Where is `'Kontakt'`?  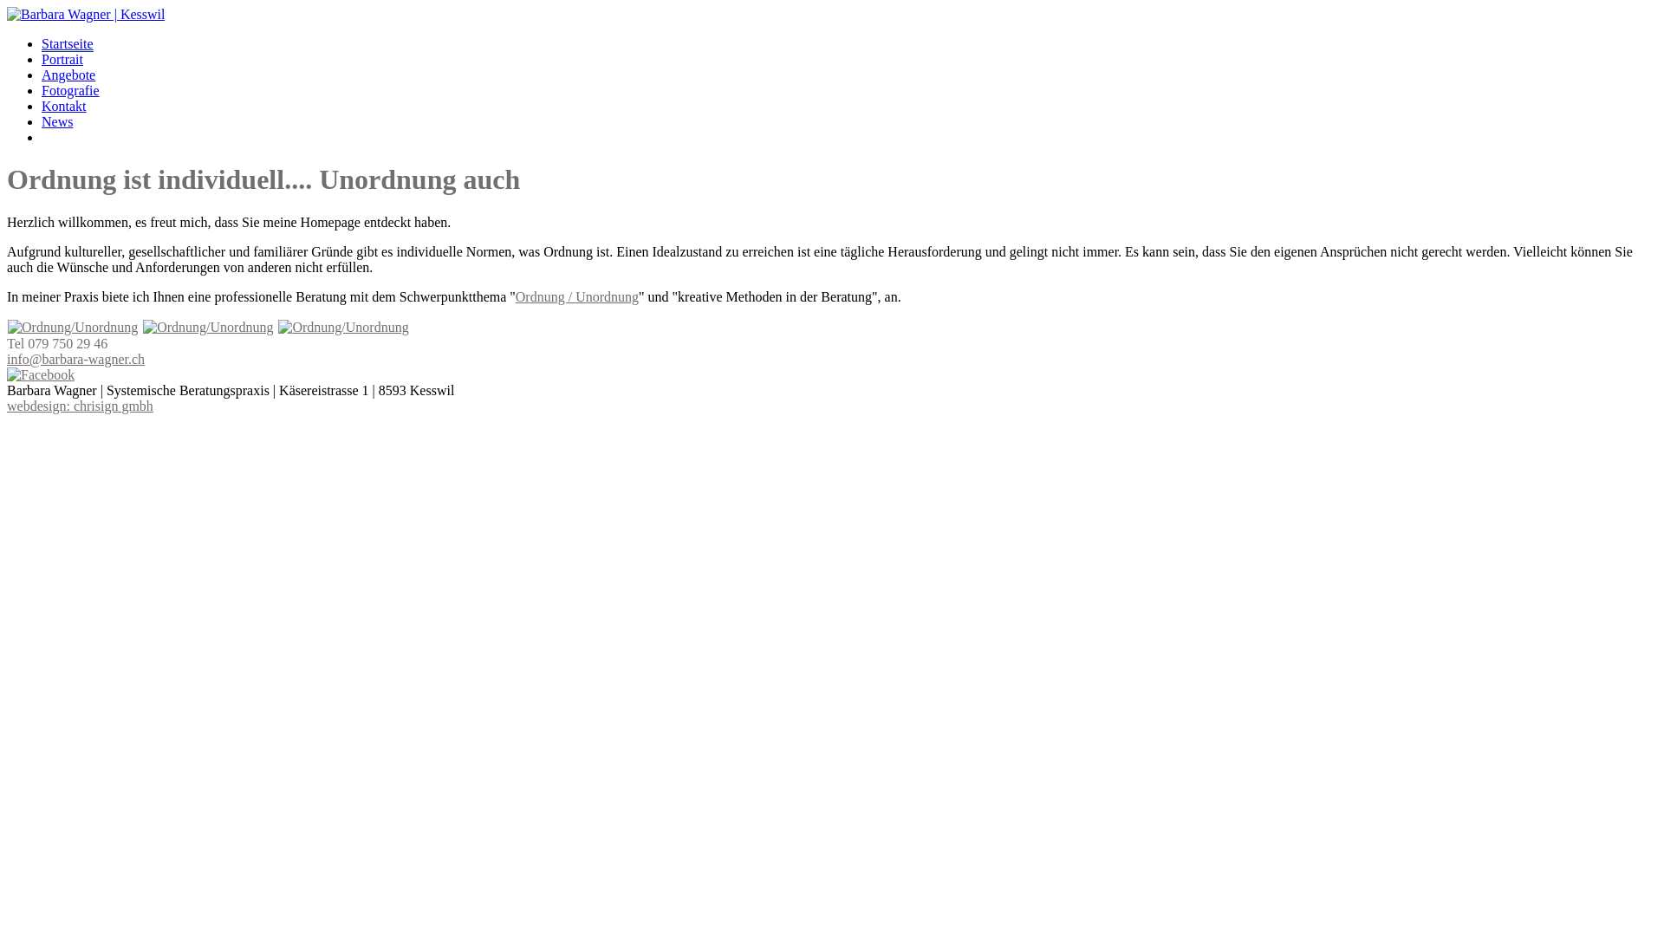 'Kontakt' is located at coordinates (63, 106).